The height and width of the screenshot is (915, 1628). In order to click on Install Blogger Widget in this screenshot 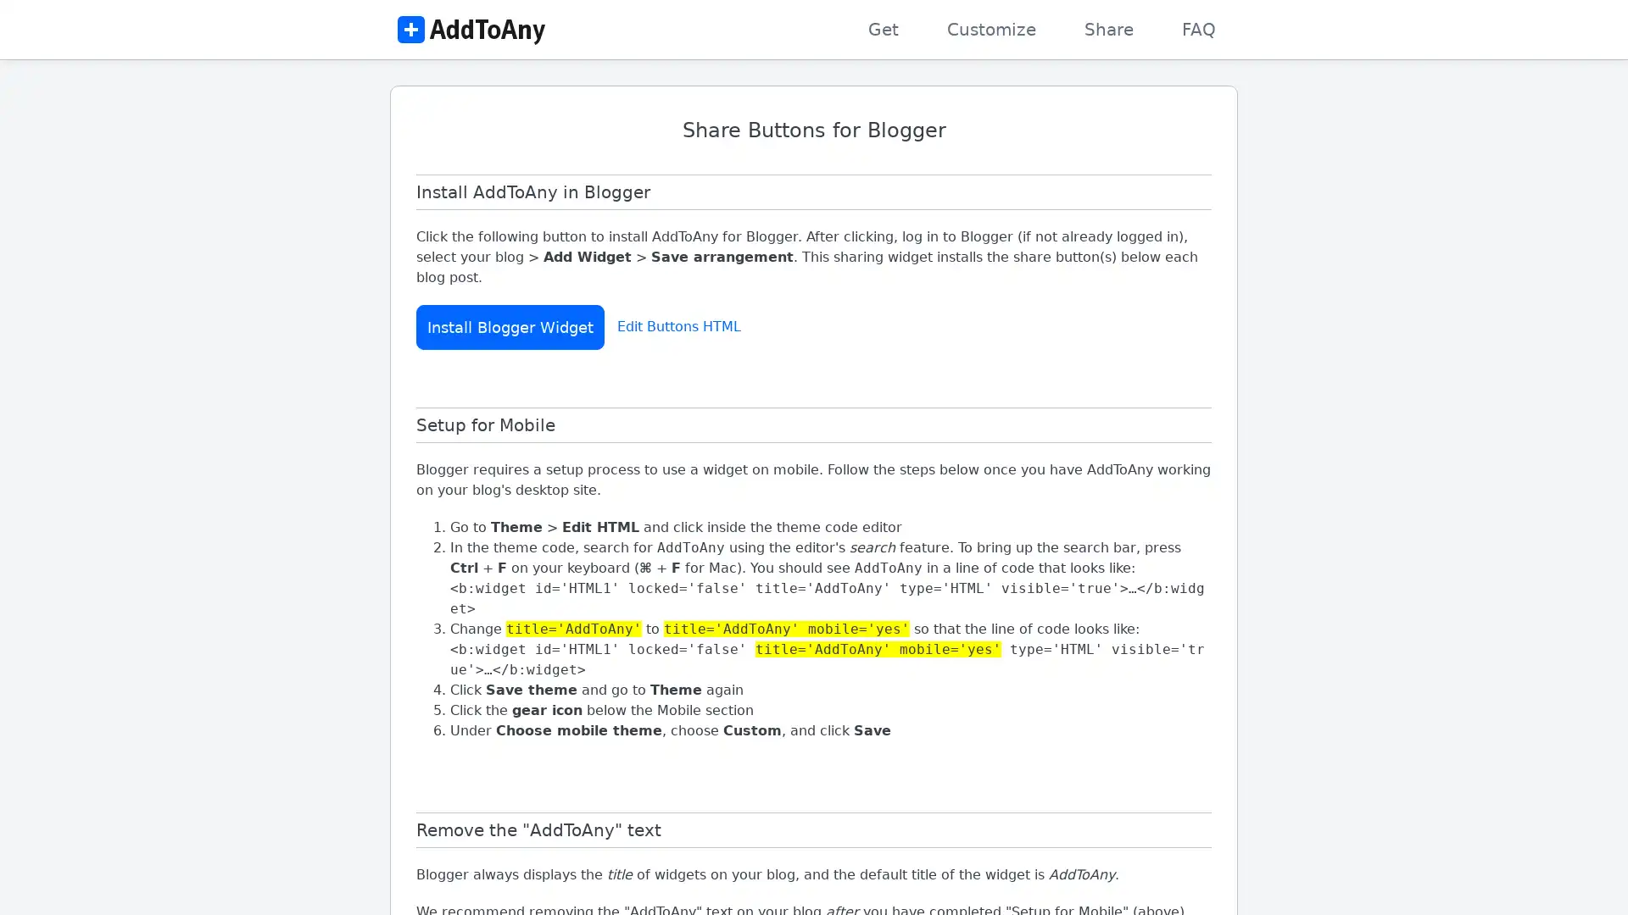, I will do `click(509, 327)`.